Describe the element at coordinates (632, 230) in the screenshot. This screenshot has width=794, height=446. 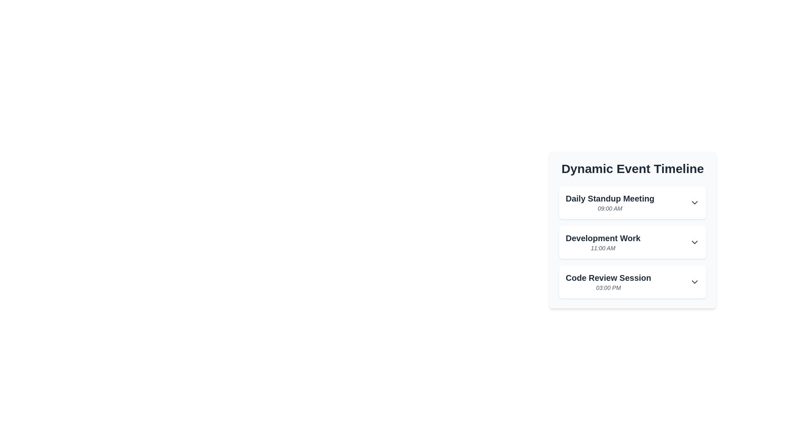
I see `the second event card in the timeline that displays 'Development Work' scheduled at '11:00 AM'` at that location.